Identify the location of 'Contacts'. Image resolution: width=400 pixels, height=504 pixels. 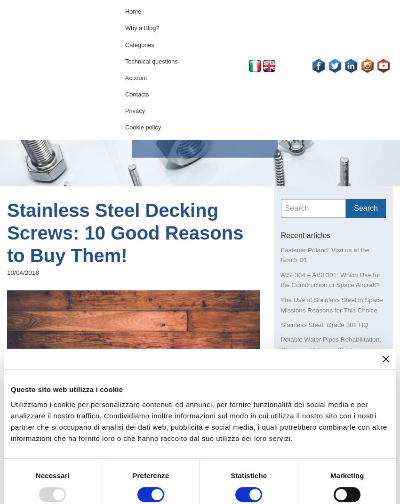
(136, 94).